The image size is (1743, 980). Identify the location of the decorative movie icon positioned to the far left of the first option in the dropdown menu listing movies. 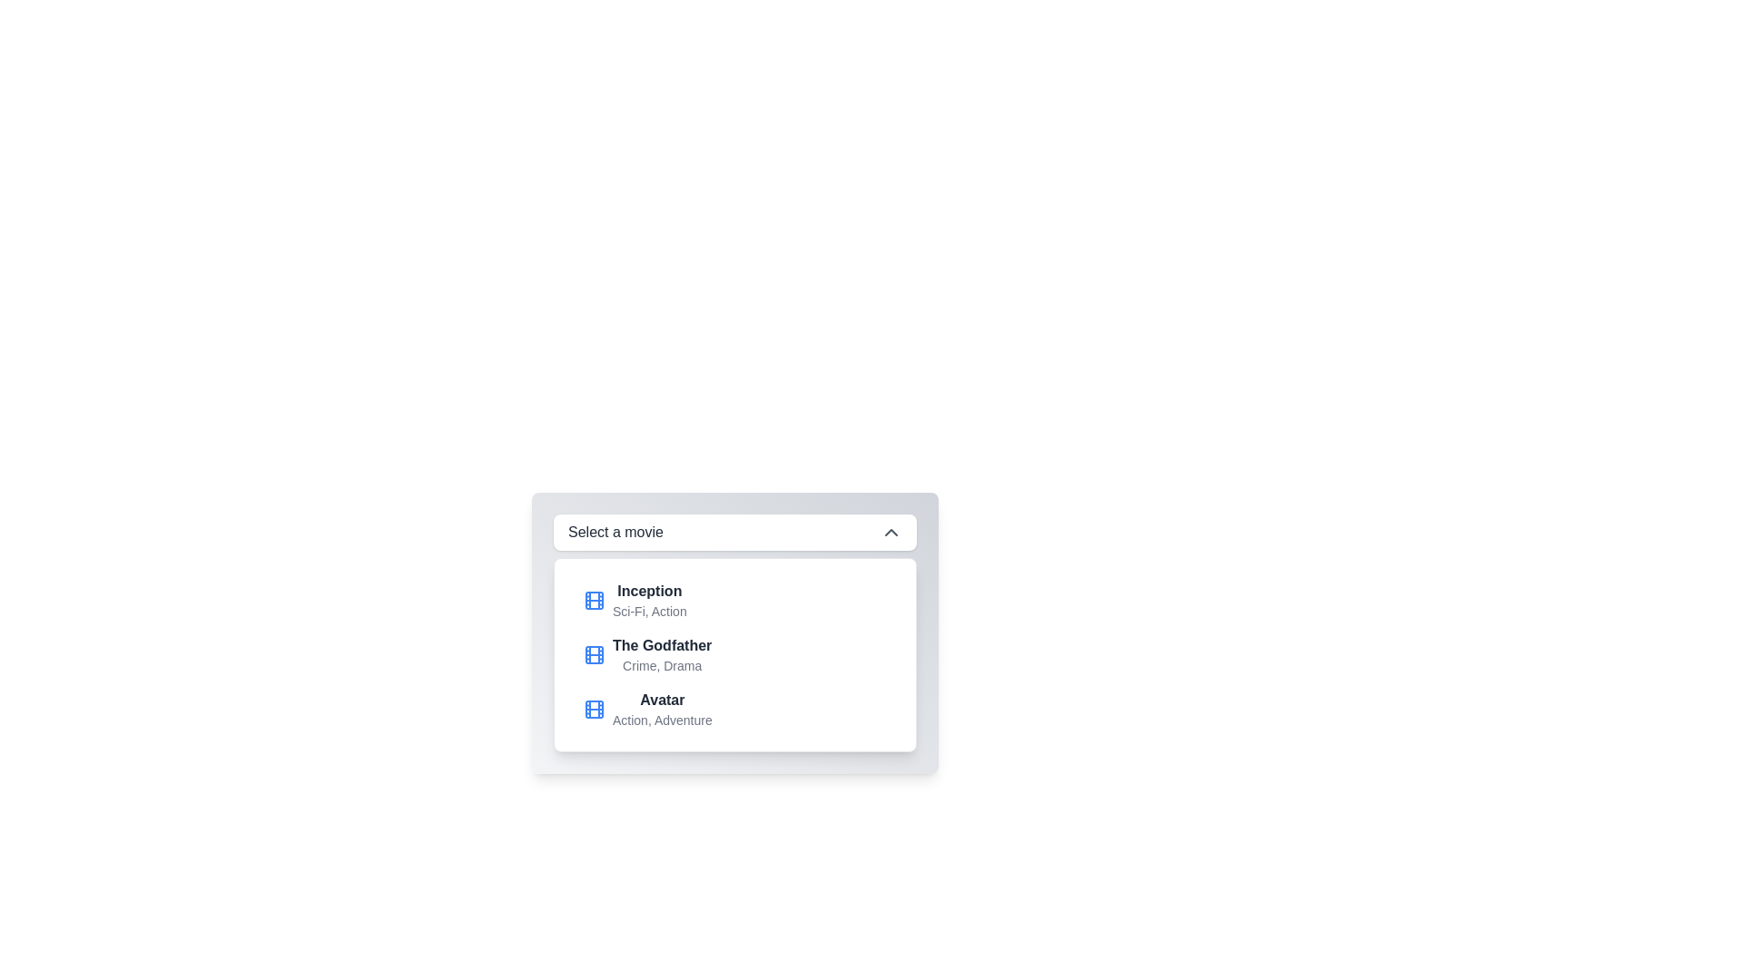
(594, 601).